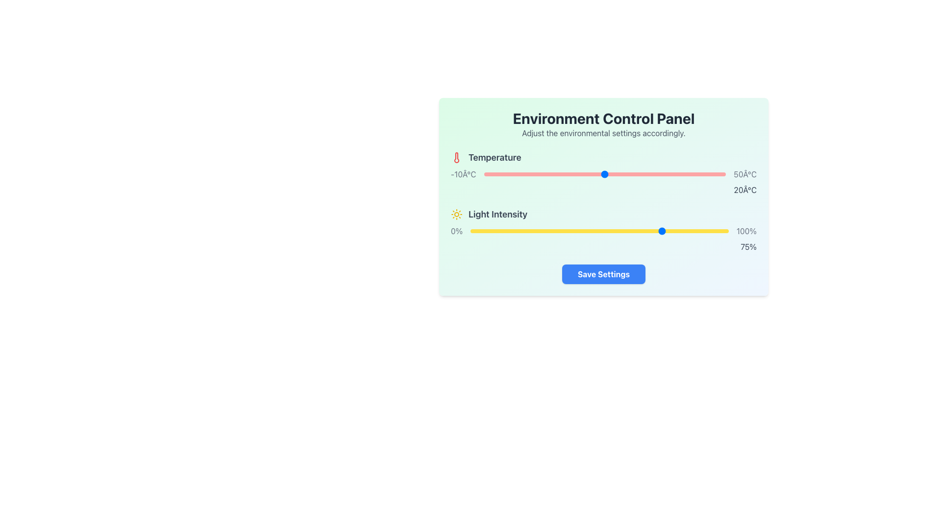 The width and height of the screenshot is (941, 529). Describe the element at coordinates (498, 214) in the screenshot. I see `the 'Light Intensity' label text, which is styled in medium gray and bold, located below the 'Temperature' control section in the 'Environment Control Panel' interface` at that location.